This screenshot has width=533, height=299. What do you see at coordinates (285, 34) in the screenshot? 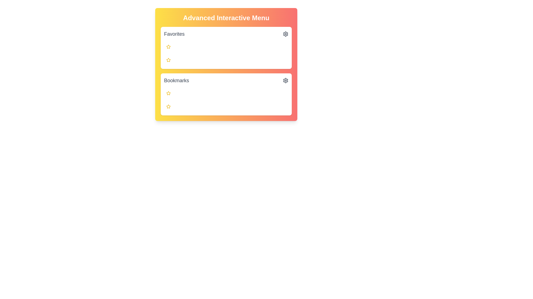
I see `the settings icon in the Favorites section` at bounding box center [285, 34].